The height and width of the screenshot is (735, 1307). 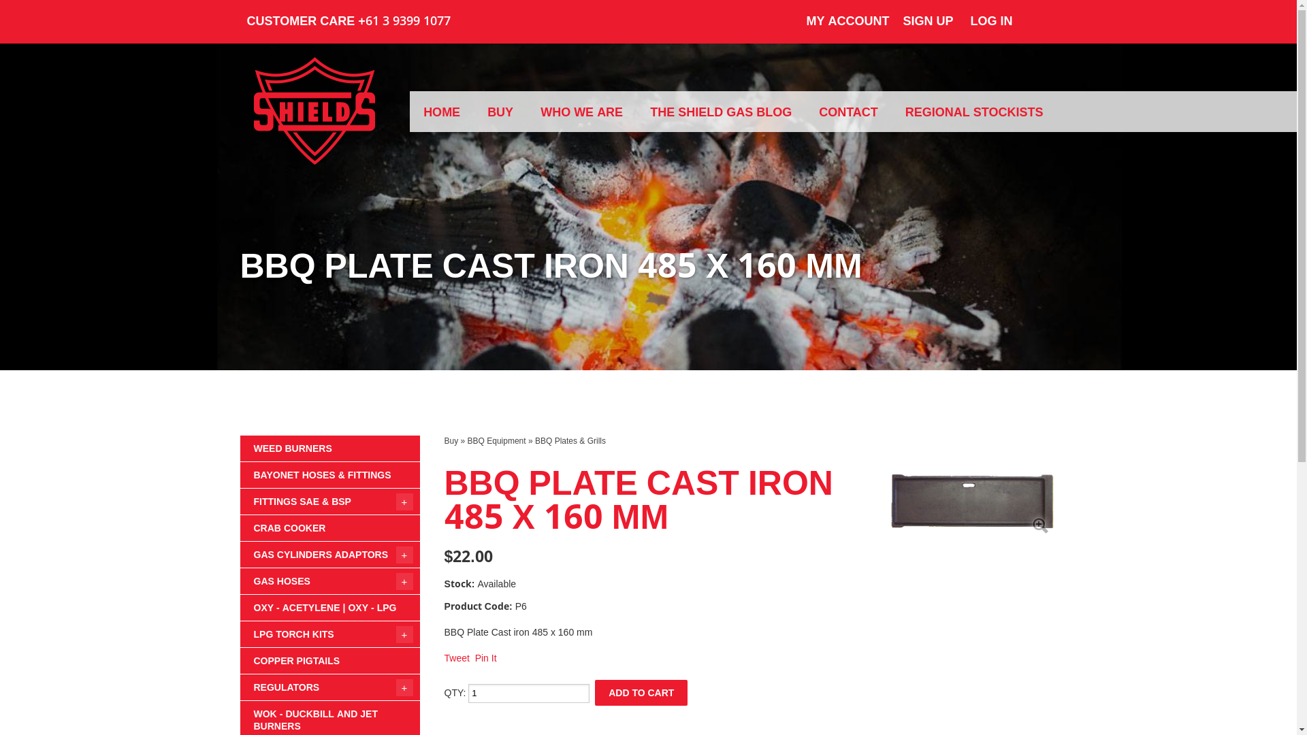 I want to click on 'CRAB COOKER', so click(x=239, y=527).